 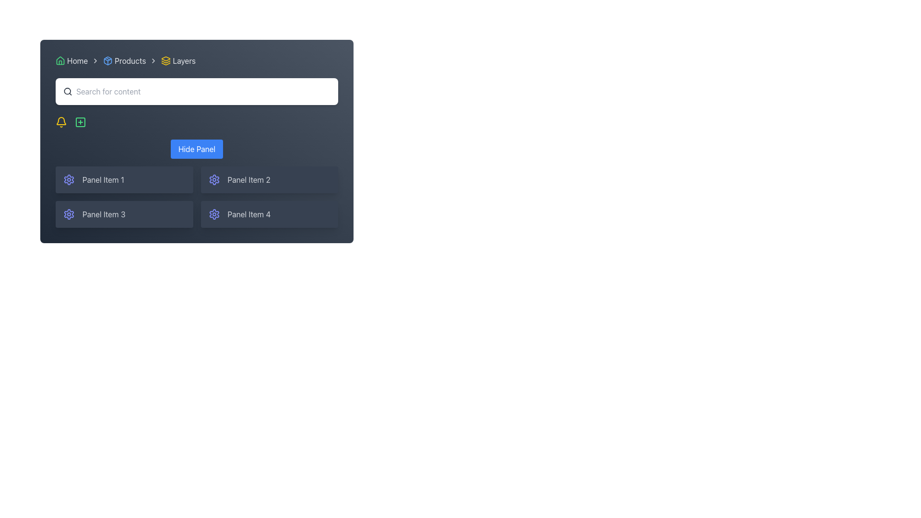 I want to click on the gear icon styled in blue located to the left of the text 'Panel Item 1' within the dark gray rounded panel, so click(x=69, y=179).